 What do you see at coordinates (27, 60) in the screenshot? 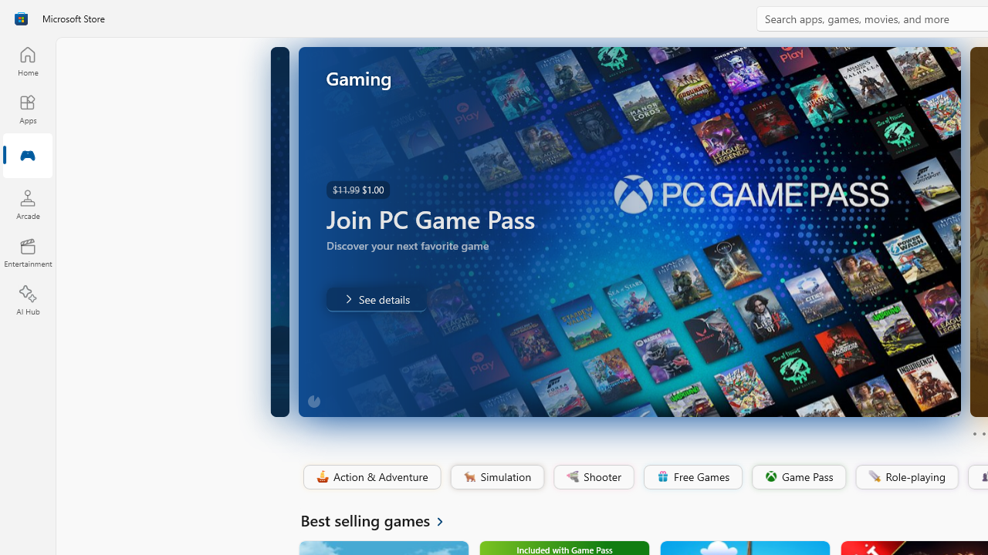
I see `'Home'` at bounding box center [27, 60].